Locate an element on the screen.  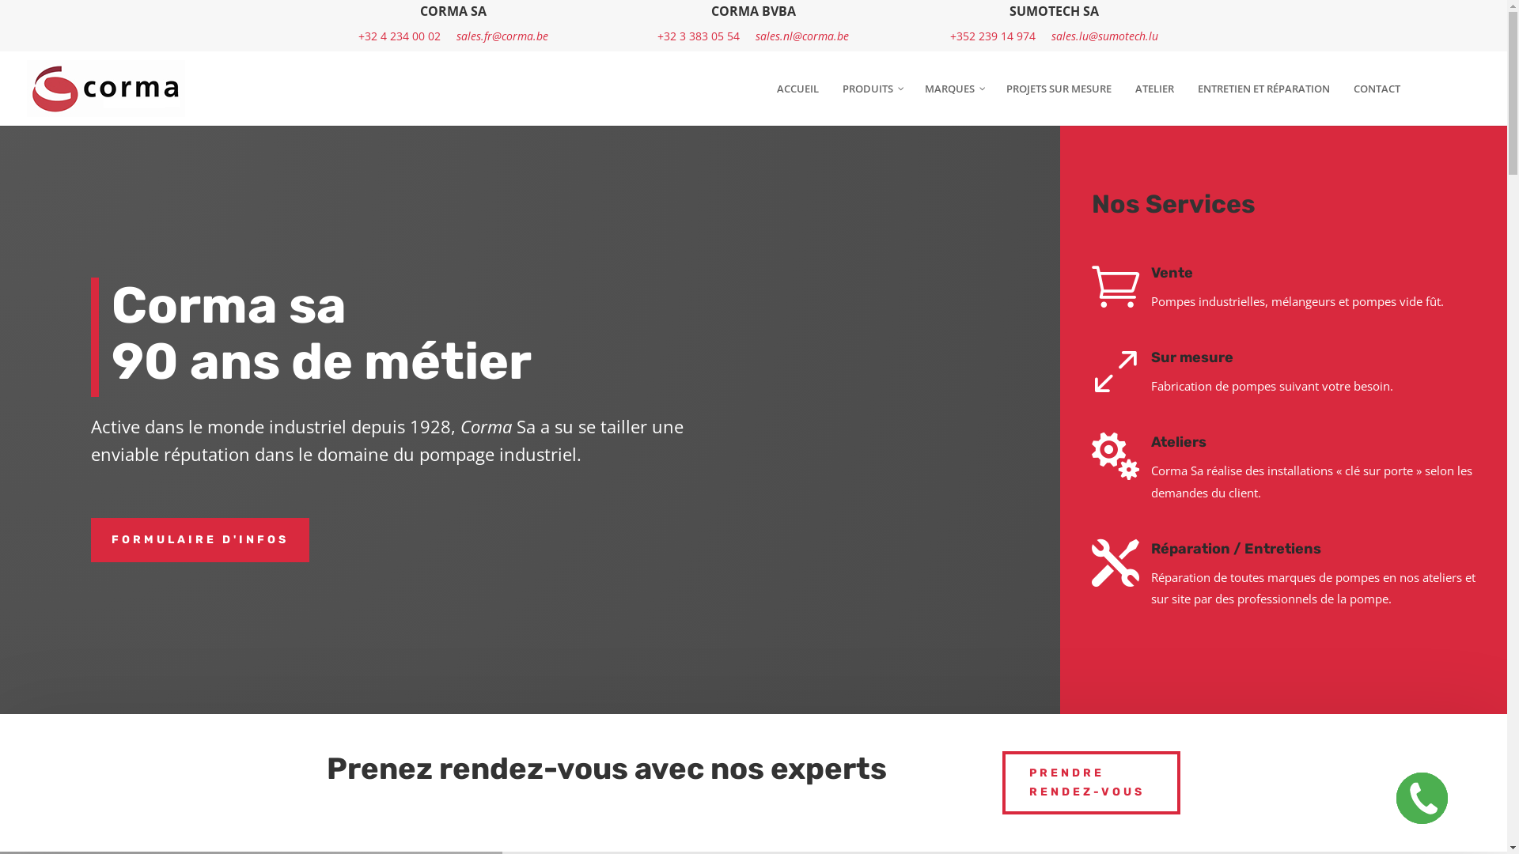
'+352 239 14 974' is located at coordinates (991, 36).